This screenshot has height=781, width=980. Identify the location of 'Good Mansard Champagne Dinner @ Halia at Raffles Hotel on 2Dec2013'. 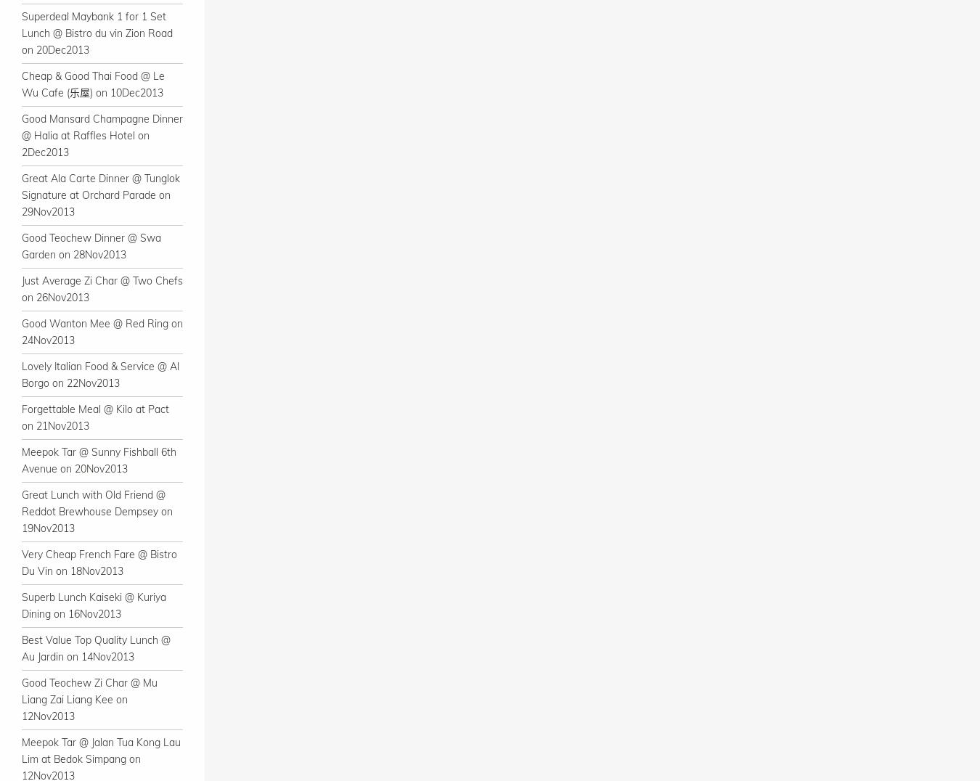
(102, 135).